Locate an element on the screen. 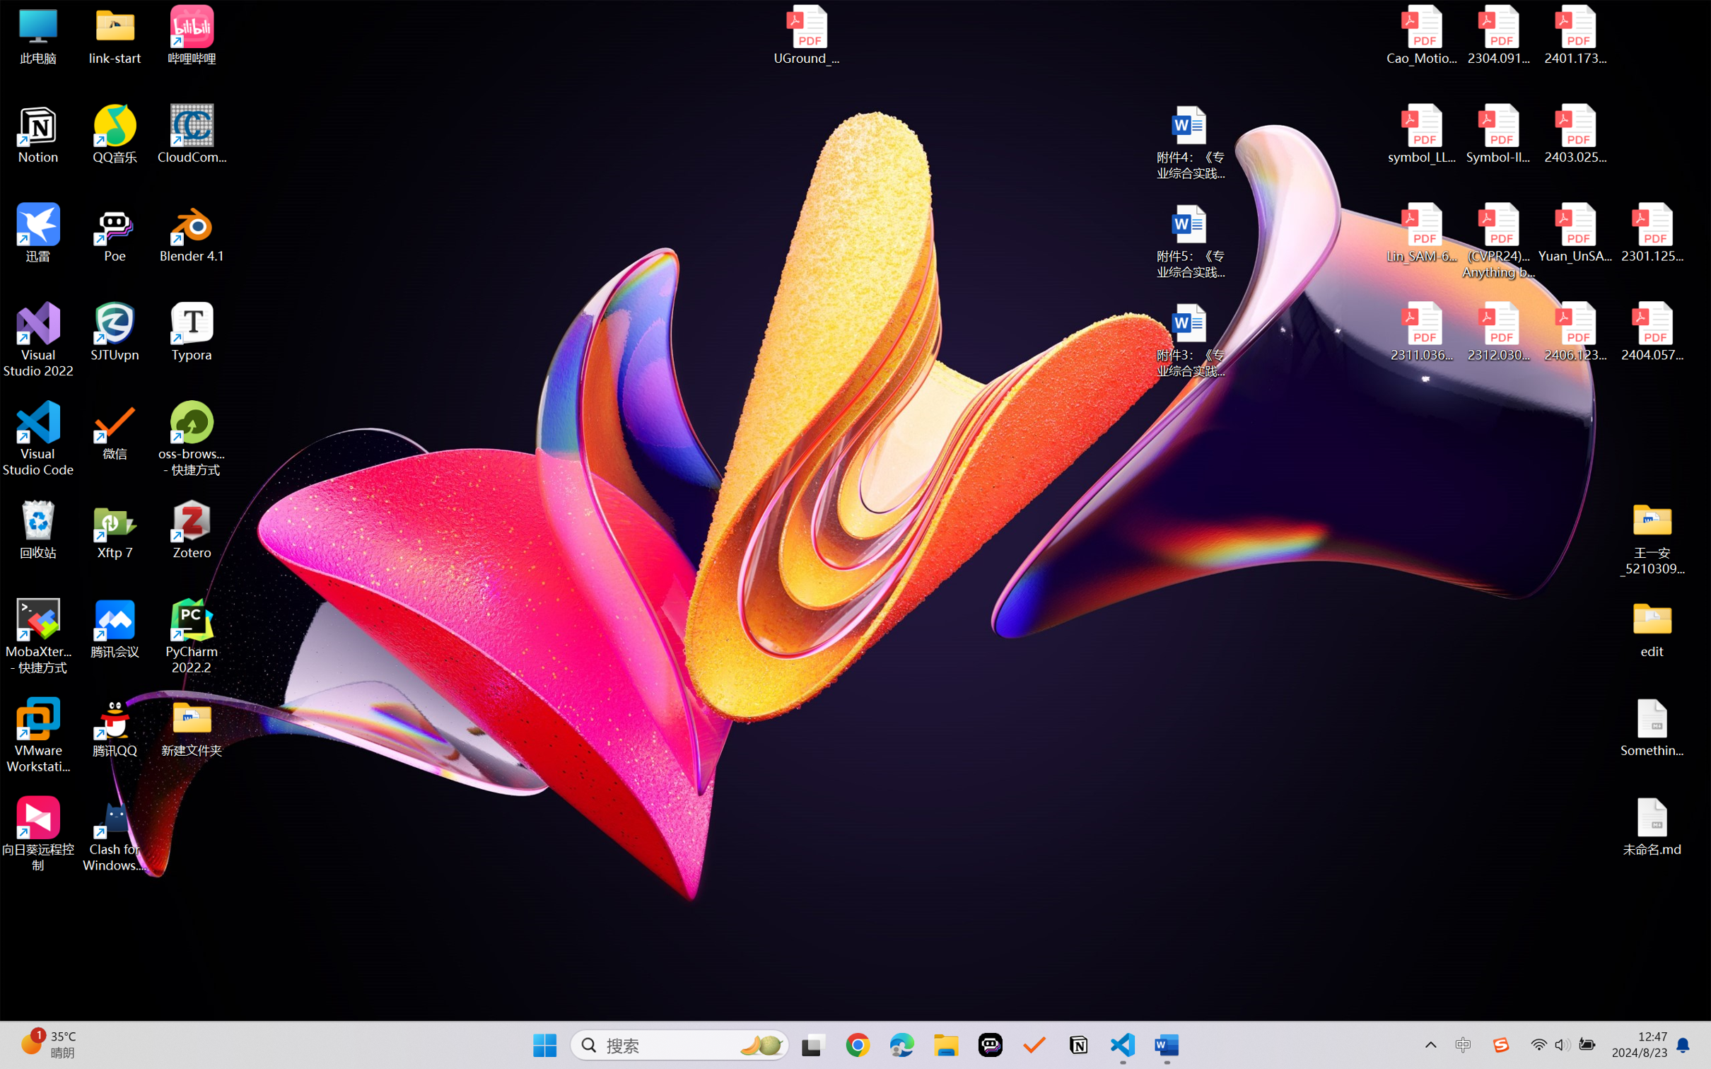  'PyCharm 2022.2' is located at coordinates (192, 636).